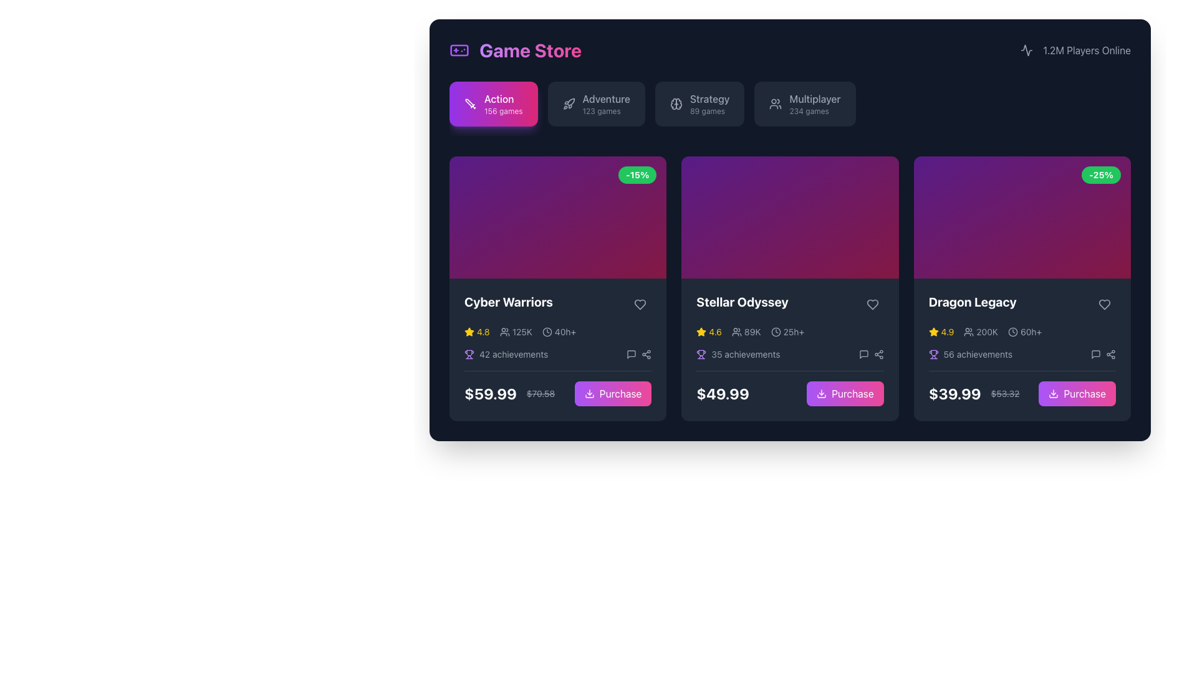  What do you see at coordinates (863, 354) in the screenshot?
I see `the communication icon located at the bottom-right of the 'Stellar Odyssey' game card` at bounding box center [863, 354].